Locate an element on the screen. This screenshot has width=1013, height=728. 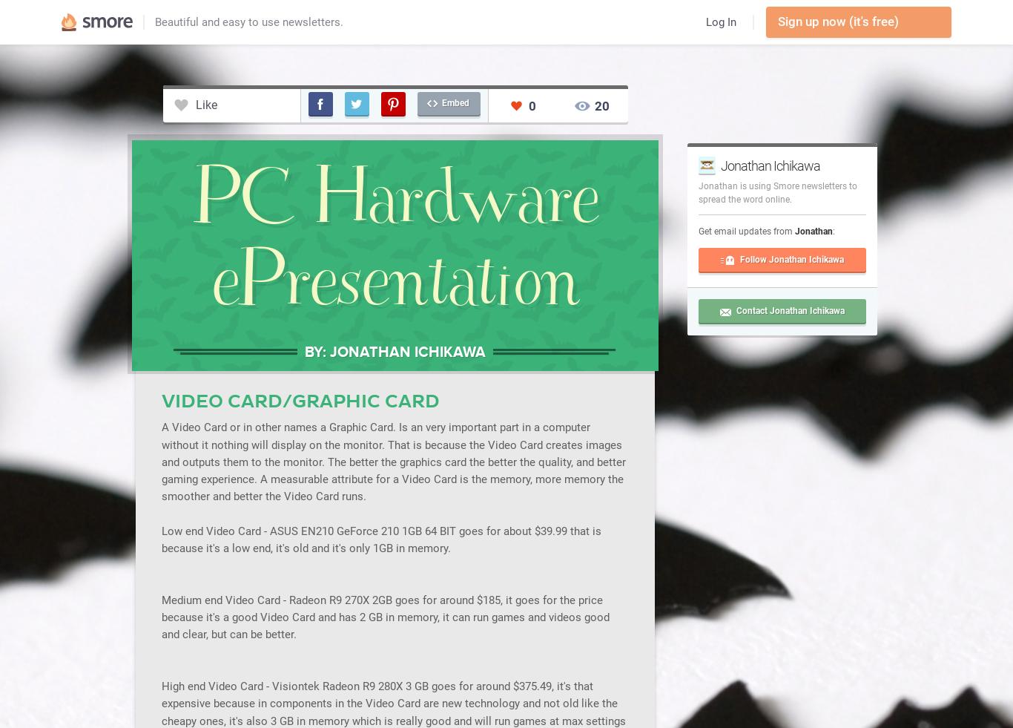
'Beautiful and easy to use newsletters.' is located at coordinates (154, 21).